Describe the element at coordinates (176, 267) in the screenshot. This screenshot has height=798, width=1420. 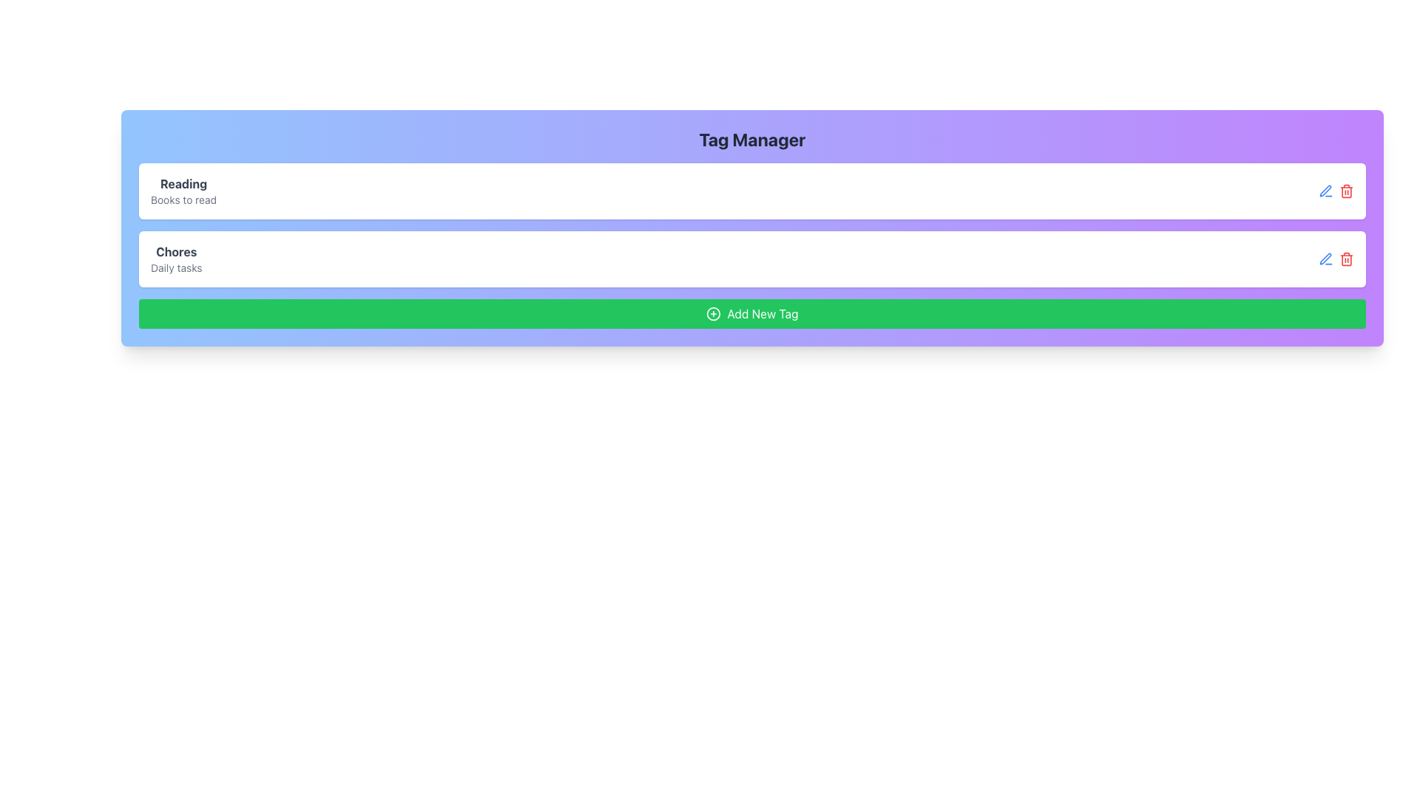
I see `the text label component that provides context for the 'Chores' section, located in the second card, below the 'Chores' title and above the 'Add New Tag' button` at that location.